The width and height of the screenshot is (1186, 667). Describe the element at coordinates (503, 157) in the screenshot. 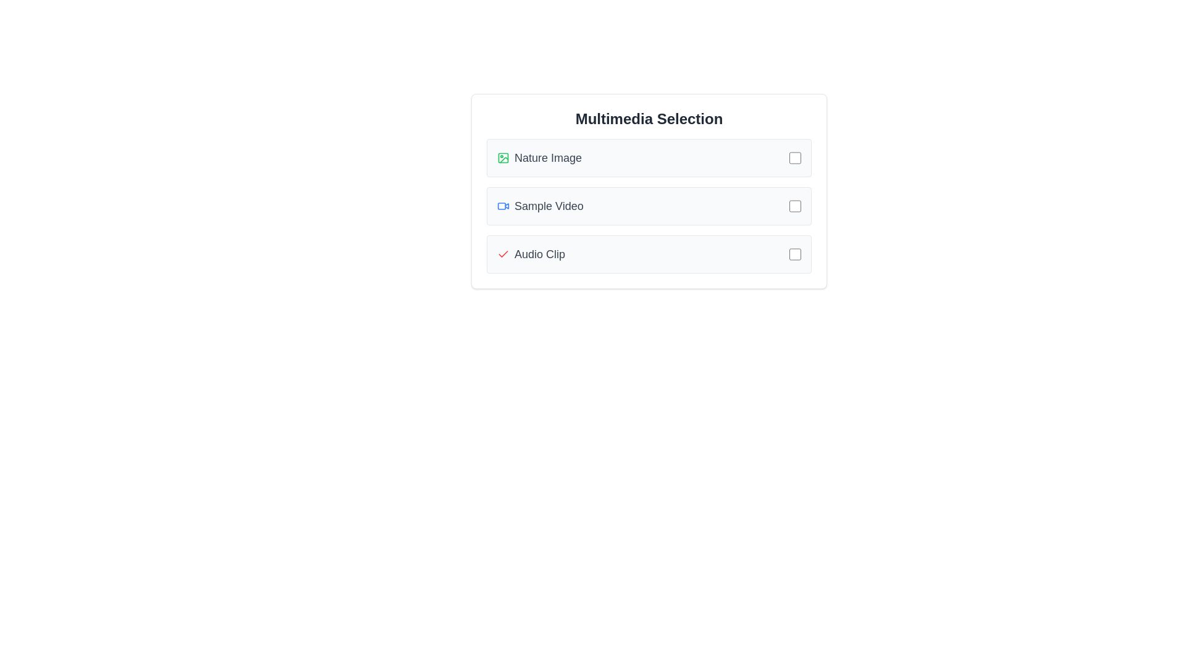

I see `the green-colored rectangular icon component with rounded corners in the multimedia selection list, located beside the 'Nature Image' label` at that location.